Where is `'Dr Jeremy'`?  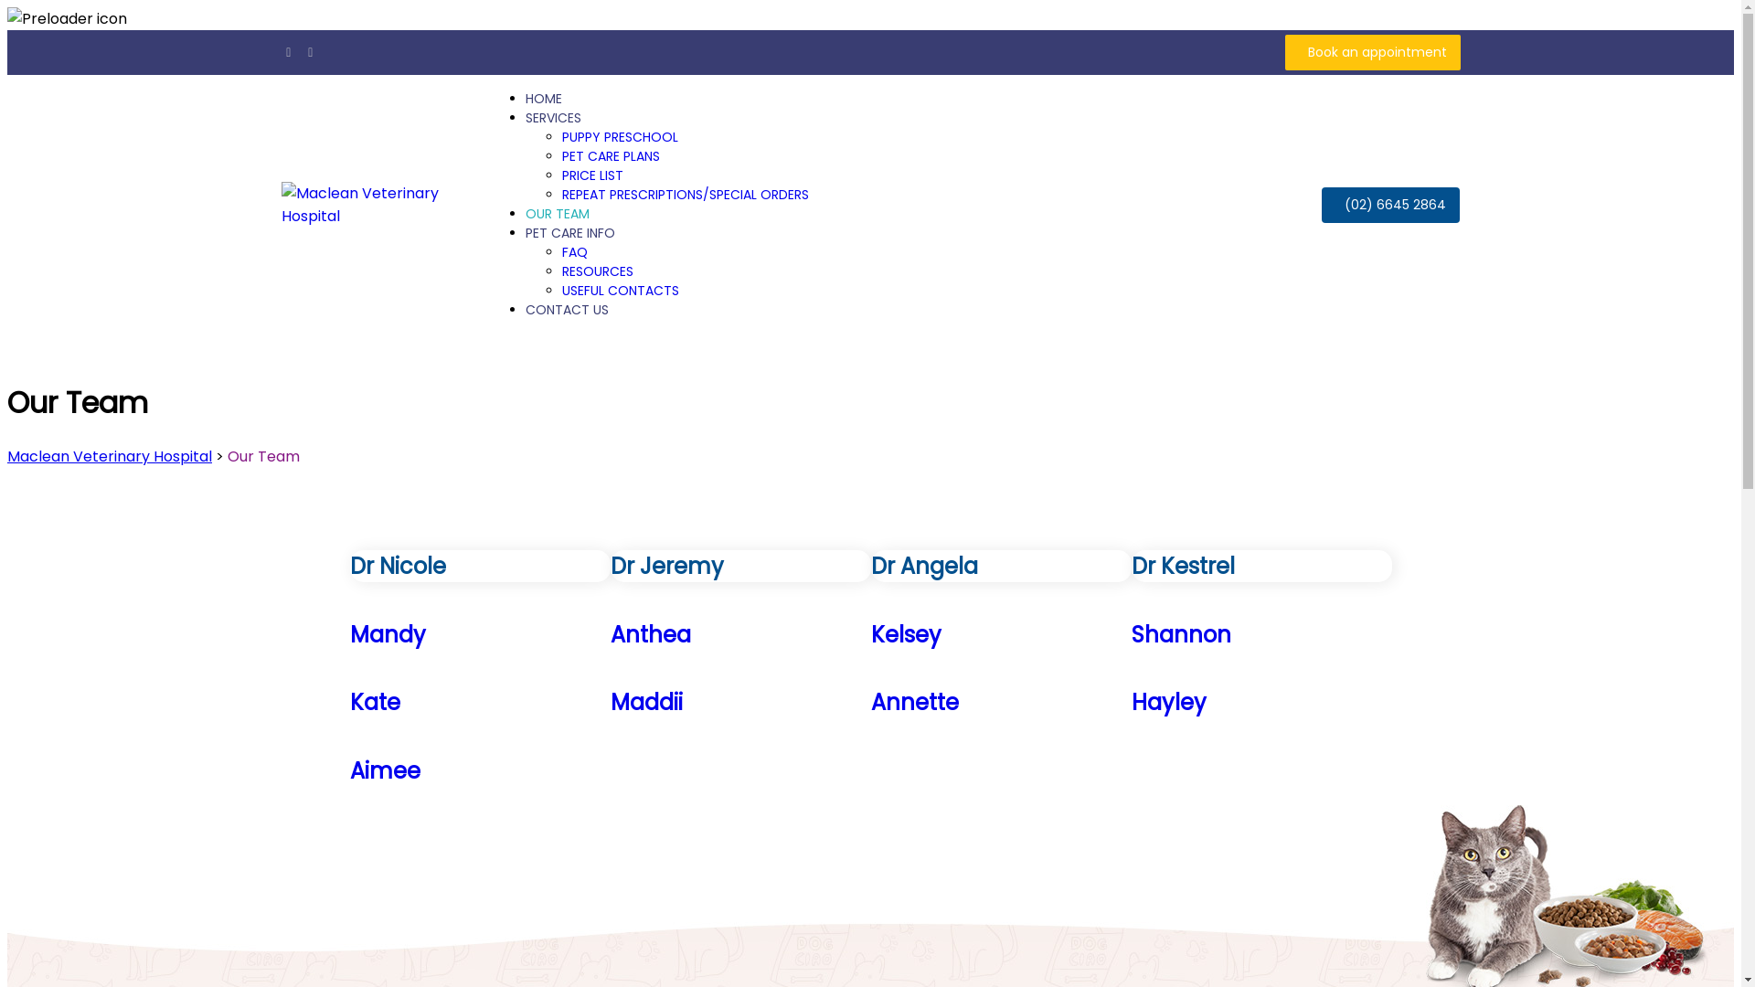
'Dr Jeremy' is located at coordinates (610, 565).